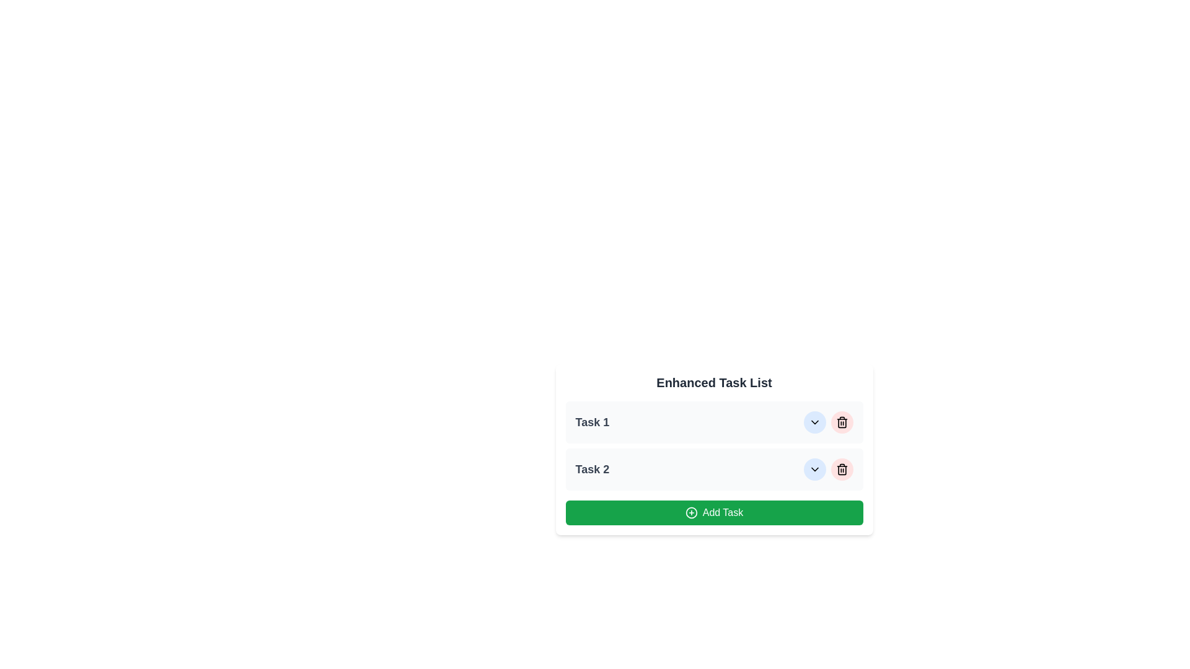 Image resolution: width=1190 pixels, height=669 pixels. What do you see at coordinates (828, 422) in the screenshot?
I see `the grouped action buttons located on the far-right side of the first task item, next to the text 'Task 1', which includes a dropdown toggle and a delete action` at bounding box center [828, 422].